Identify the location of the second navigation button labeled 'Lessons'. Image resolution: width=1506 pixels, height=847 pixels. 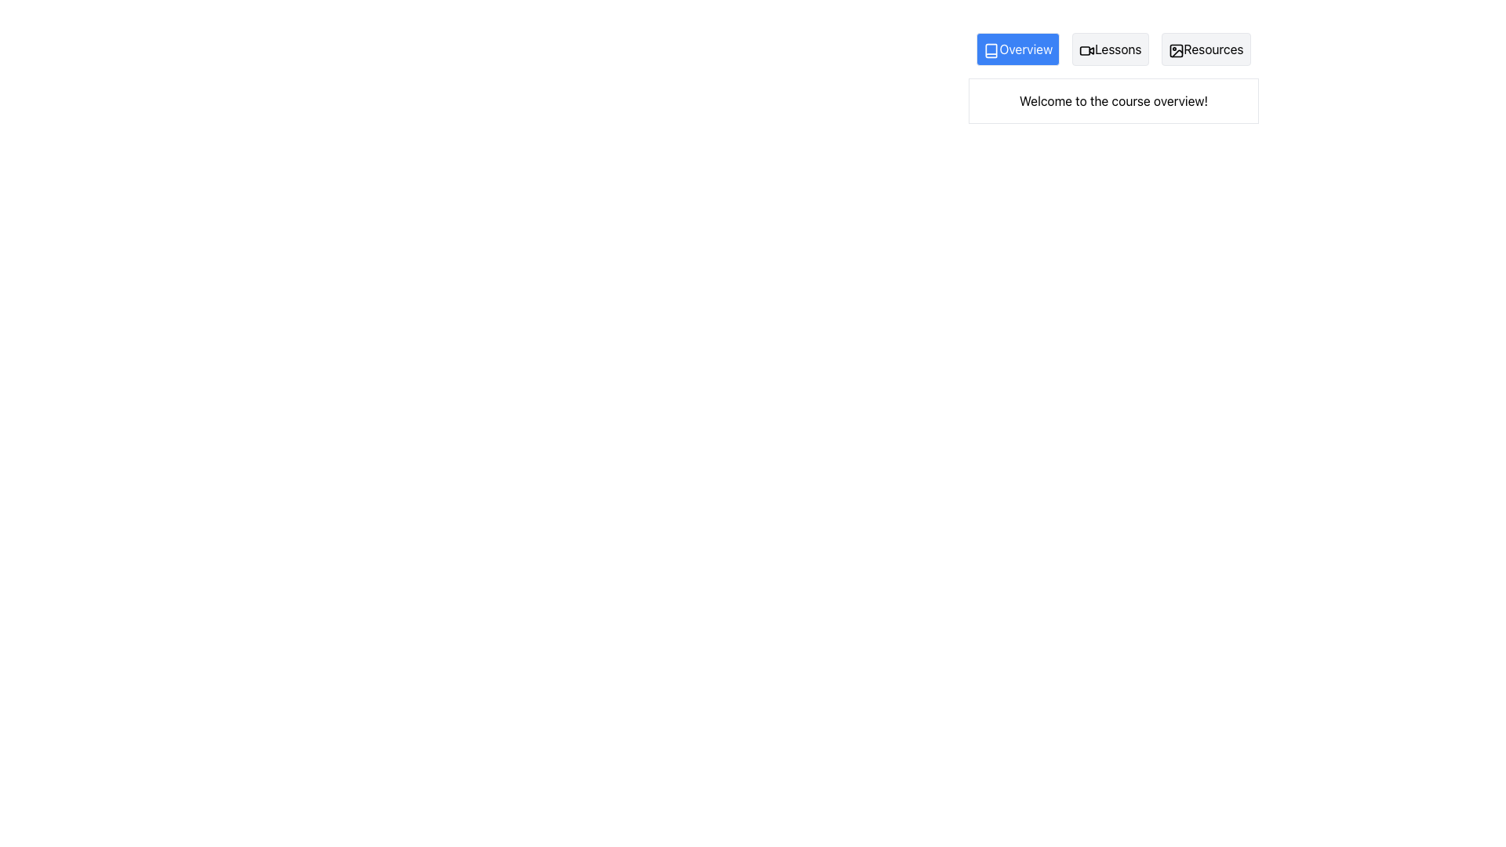
(1109, 48).